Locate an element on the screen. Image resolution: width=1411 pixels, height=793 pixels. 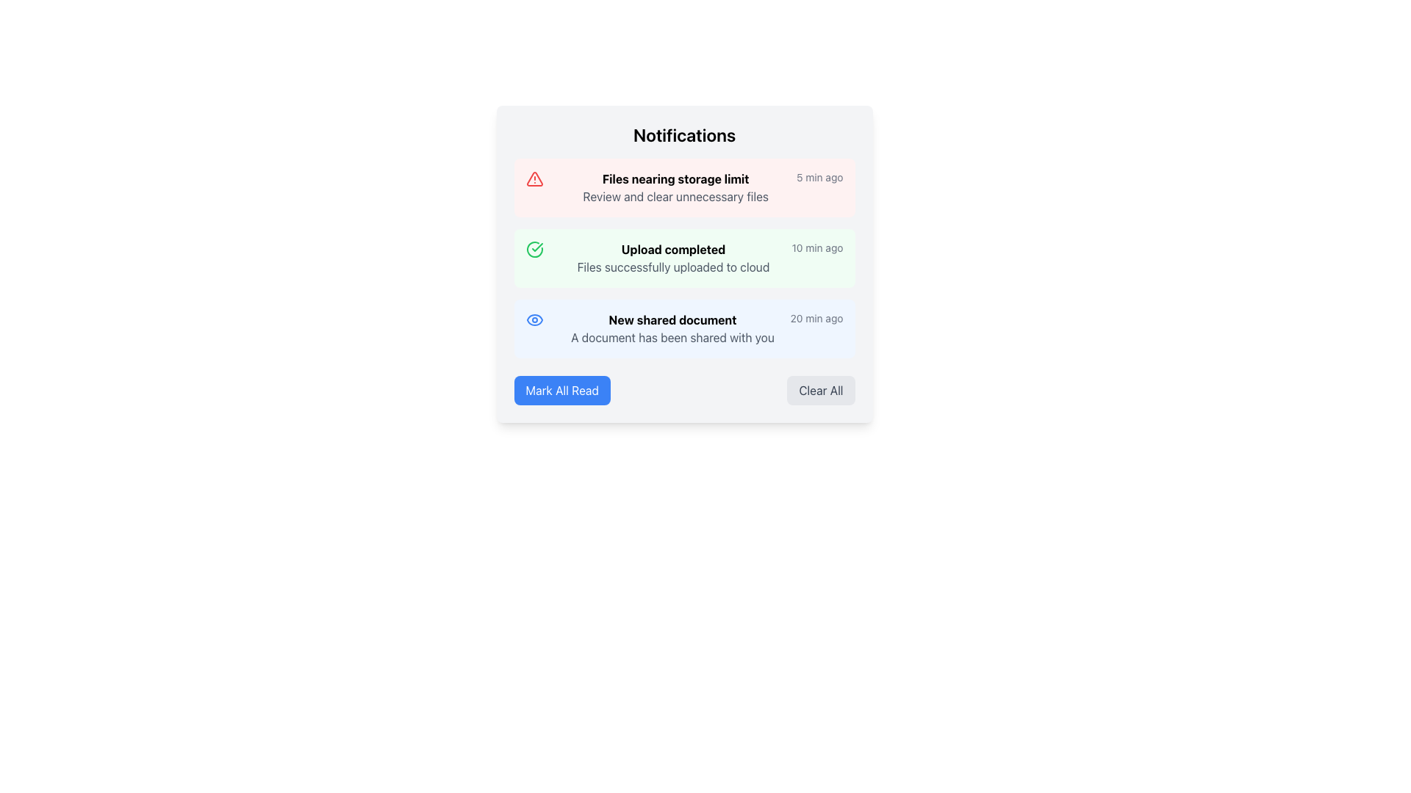
the blue 'Mark All Read' button with a white label, located at the bottom left corner of the notifications card is located at coordinates (561, 390).